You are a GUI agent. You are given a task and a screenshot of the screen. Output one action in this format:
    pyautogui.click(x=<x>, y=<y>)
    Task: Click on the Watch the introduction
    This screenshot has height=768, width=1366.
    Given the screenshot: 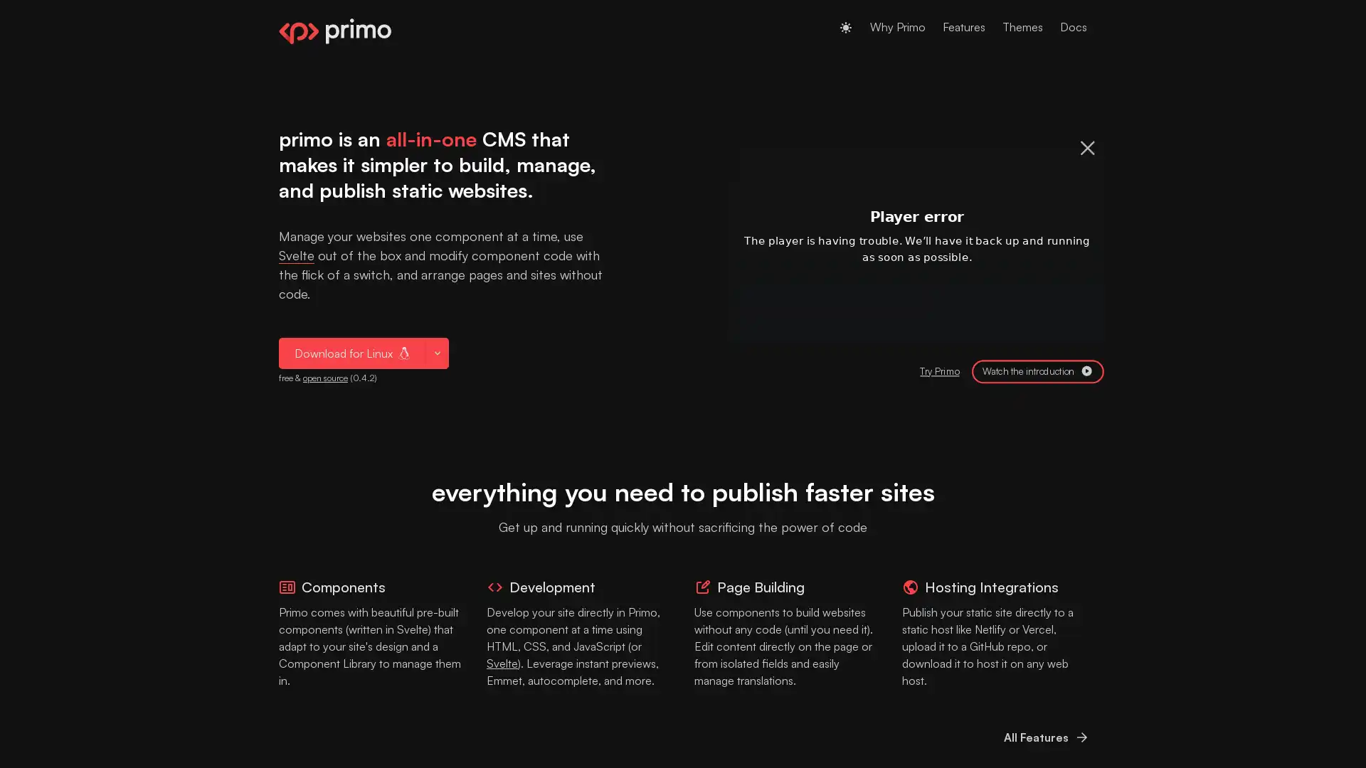 What is the action you would take?
    pyautogui.click(x=1037, y=370)
    